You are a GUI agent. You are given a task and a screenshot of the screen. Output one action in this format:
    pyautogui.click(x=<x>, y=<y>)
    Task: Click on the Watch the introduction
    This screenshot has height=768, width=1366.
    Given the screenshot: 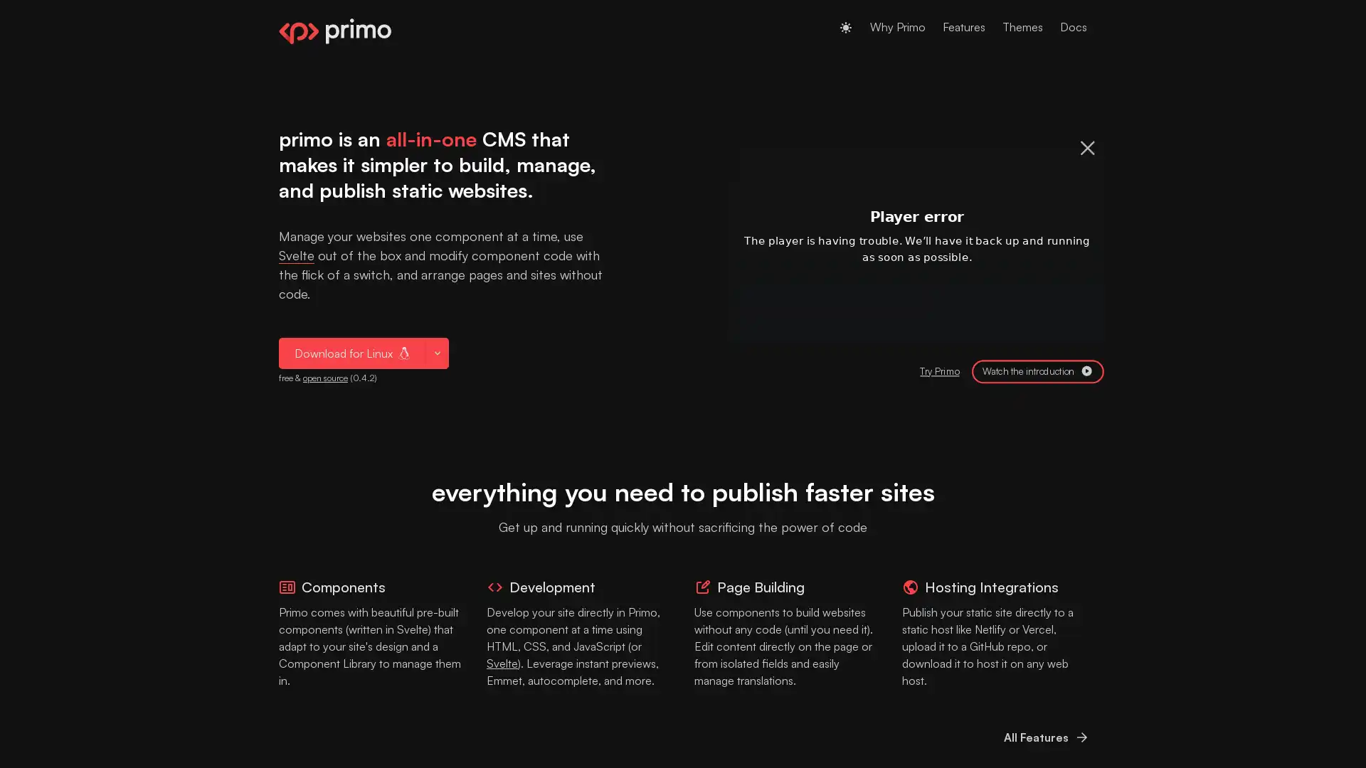 What is the action you would take?
    pyautogui.click(x=1037, y=370)
    